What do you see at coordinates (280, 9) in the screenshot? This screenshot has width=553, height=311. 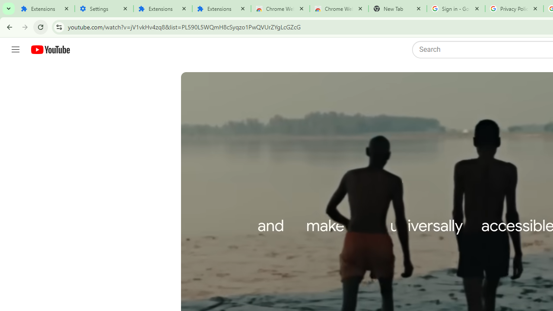 I see `'Chrome Web Store'` at bounding box center [280, 9].